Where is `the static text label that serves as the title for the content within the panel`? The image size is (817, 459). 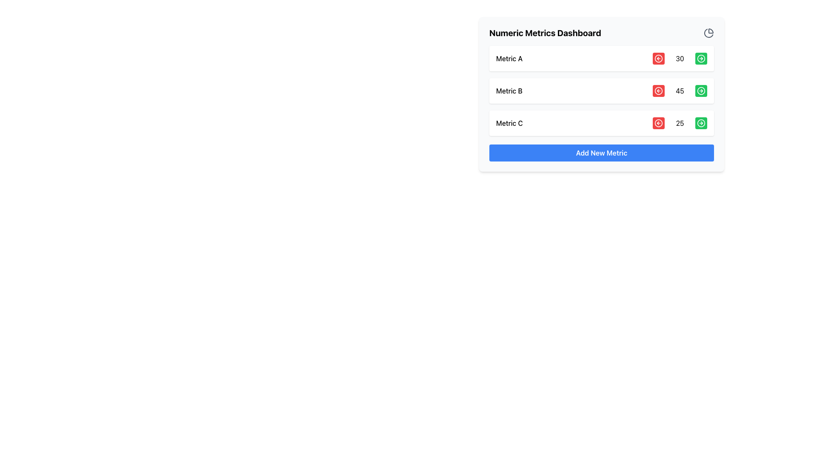 the static text label that serves as the title for the content within the panel is located at coordinates (545, 32).